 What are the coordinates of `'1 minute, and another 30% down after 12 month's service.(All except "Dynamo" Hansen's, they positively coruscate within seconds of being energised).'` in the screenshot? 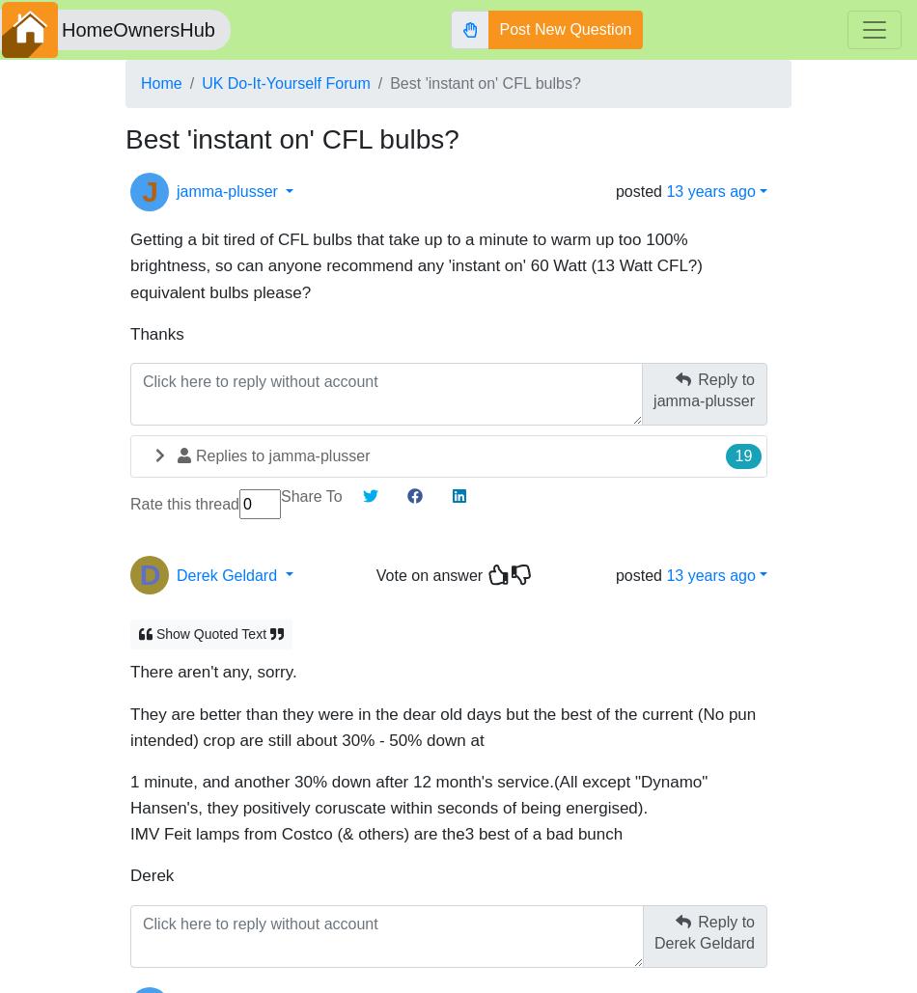 It's located at (417, 785).